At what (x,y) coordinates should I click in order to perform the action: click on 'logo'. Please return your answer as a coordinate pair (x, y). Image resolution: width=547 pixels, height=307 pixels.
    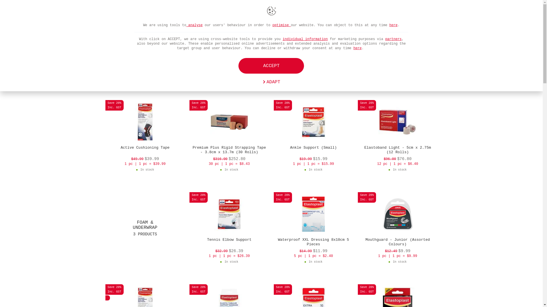
    Looking at the image, I should click on (124, 12).